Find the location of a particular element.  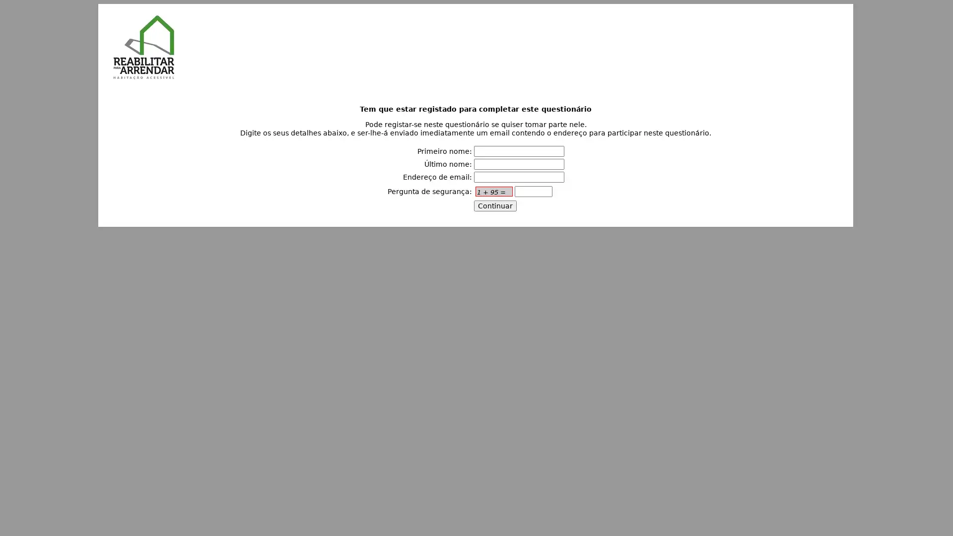

Continuar is located at coordinates (495, 205).